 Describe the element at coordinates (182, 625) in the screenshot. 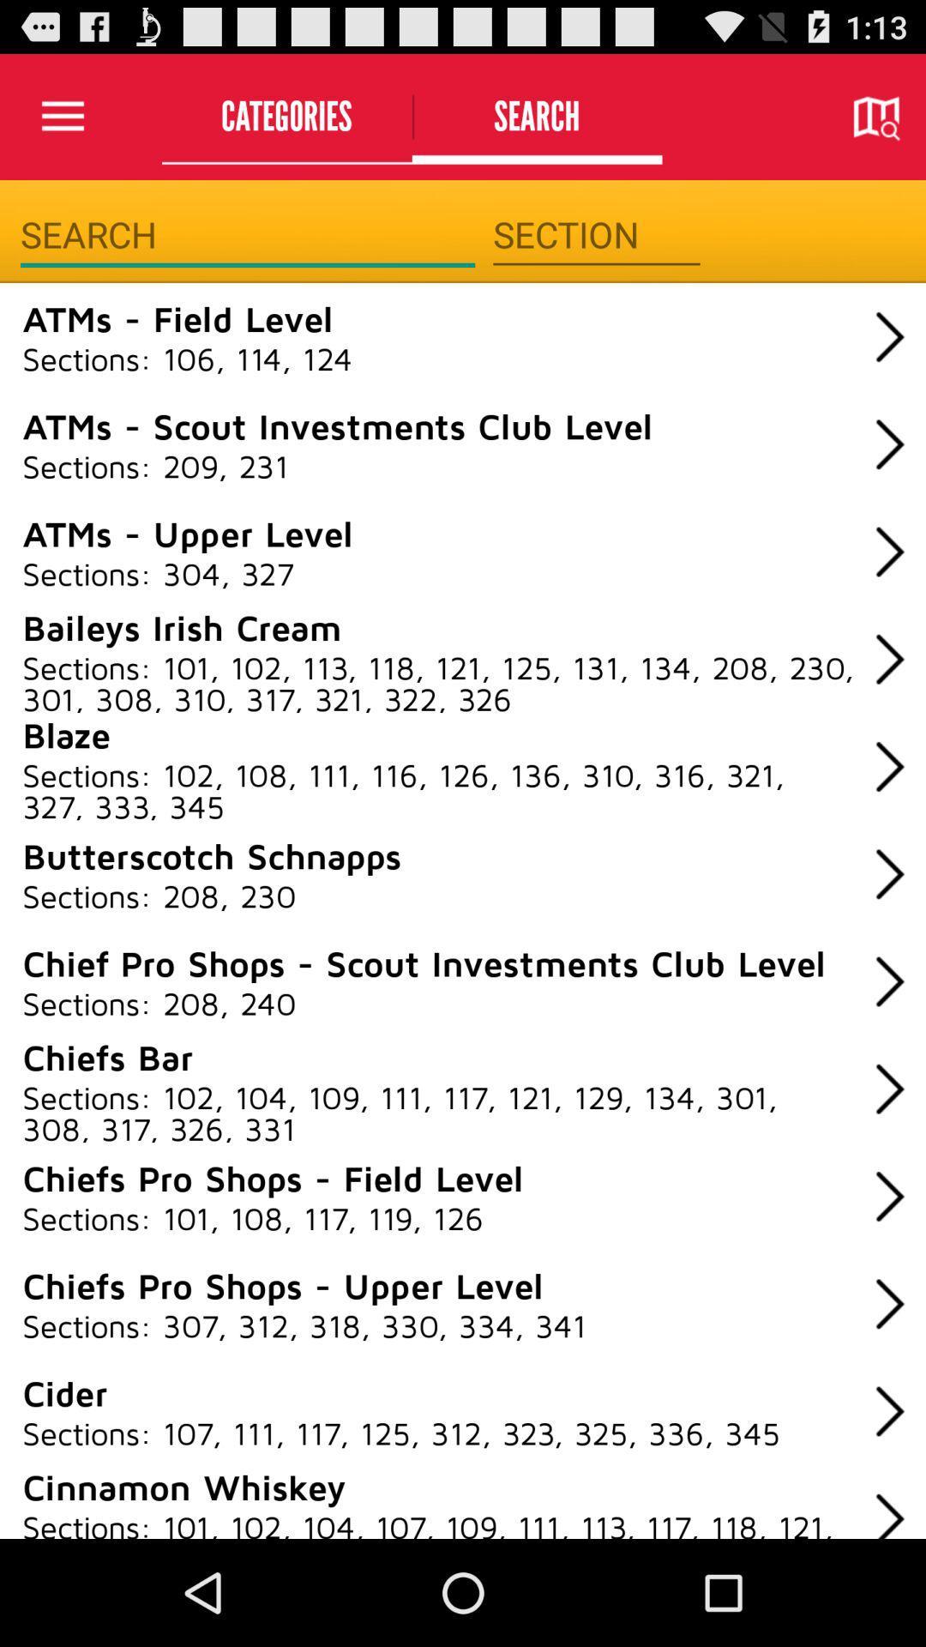

I see `the icon above the sections 101 102` at that location.